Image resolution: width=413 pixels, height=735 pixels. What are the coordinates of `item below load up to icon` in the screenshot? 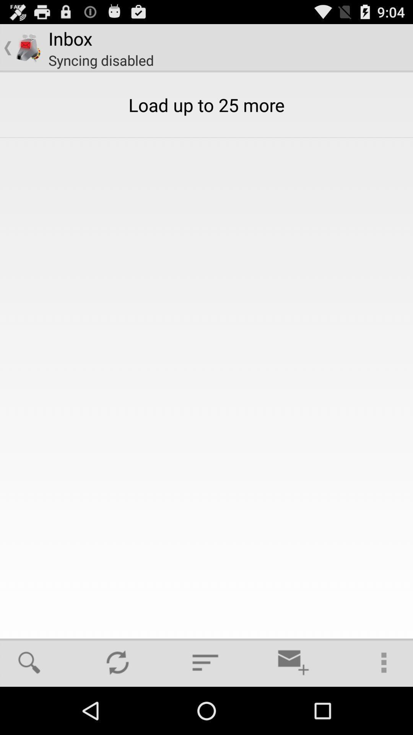 It's located at (117, 662).